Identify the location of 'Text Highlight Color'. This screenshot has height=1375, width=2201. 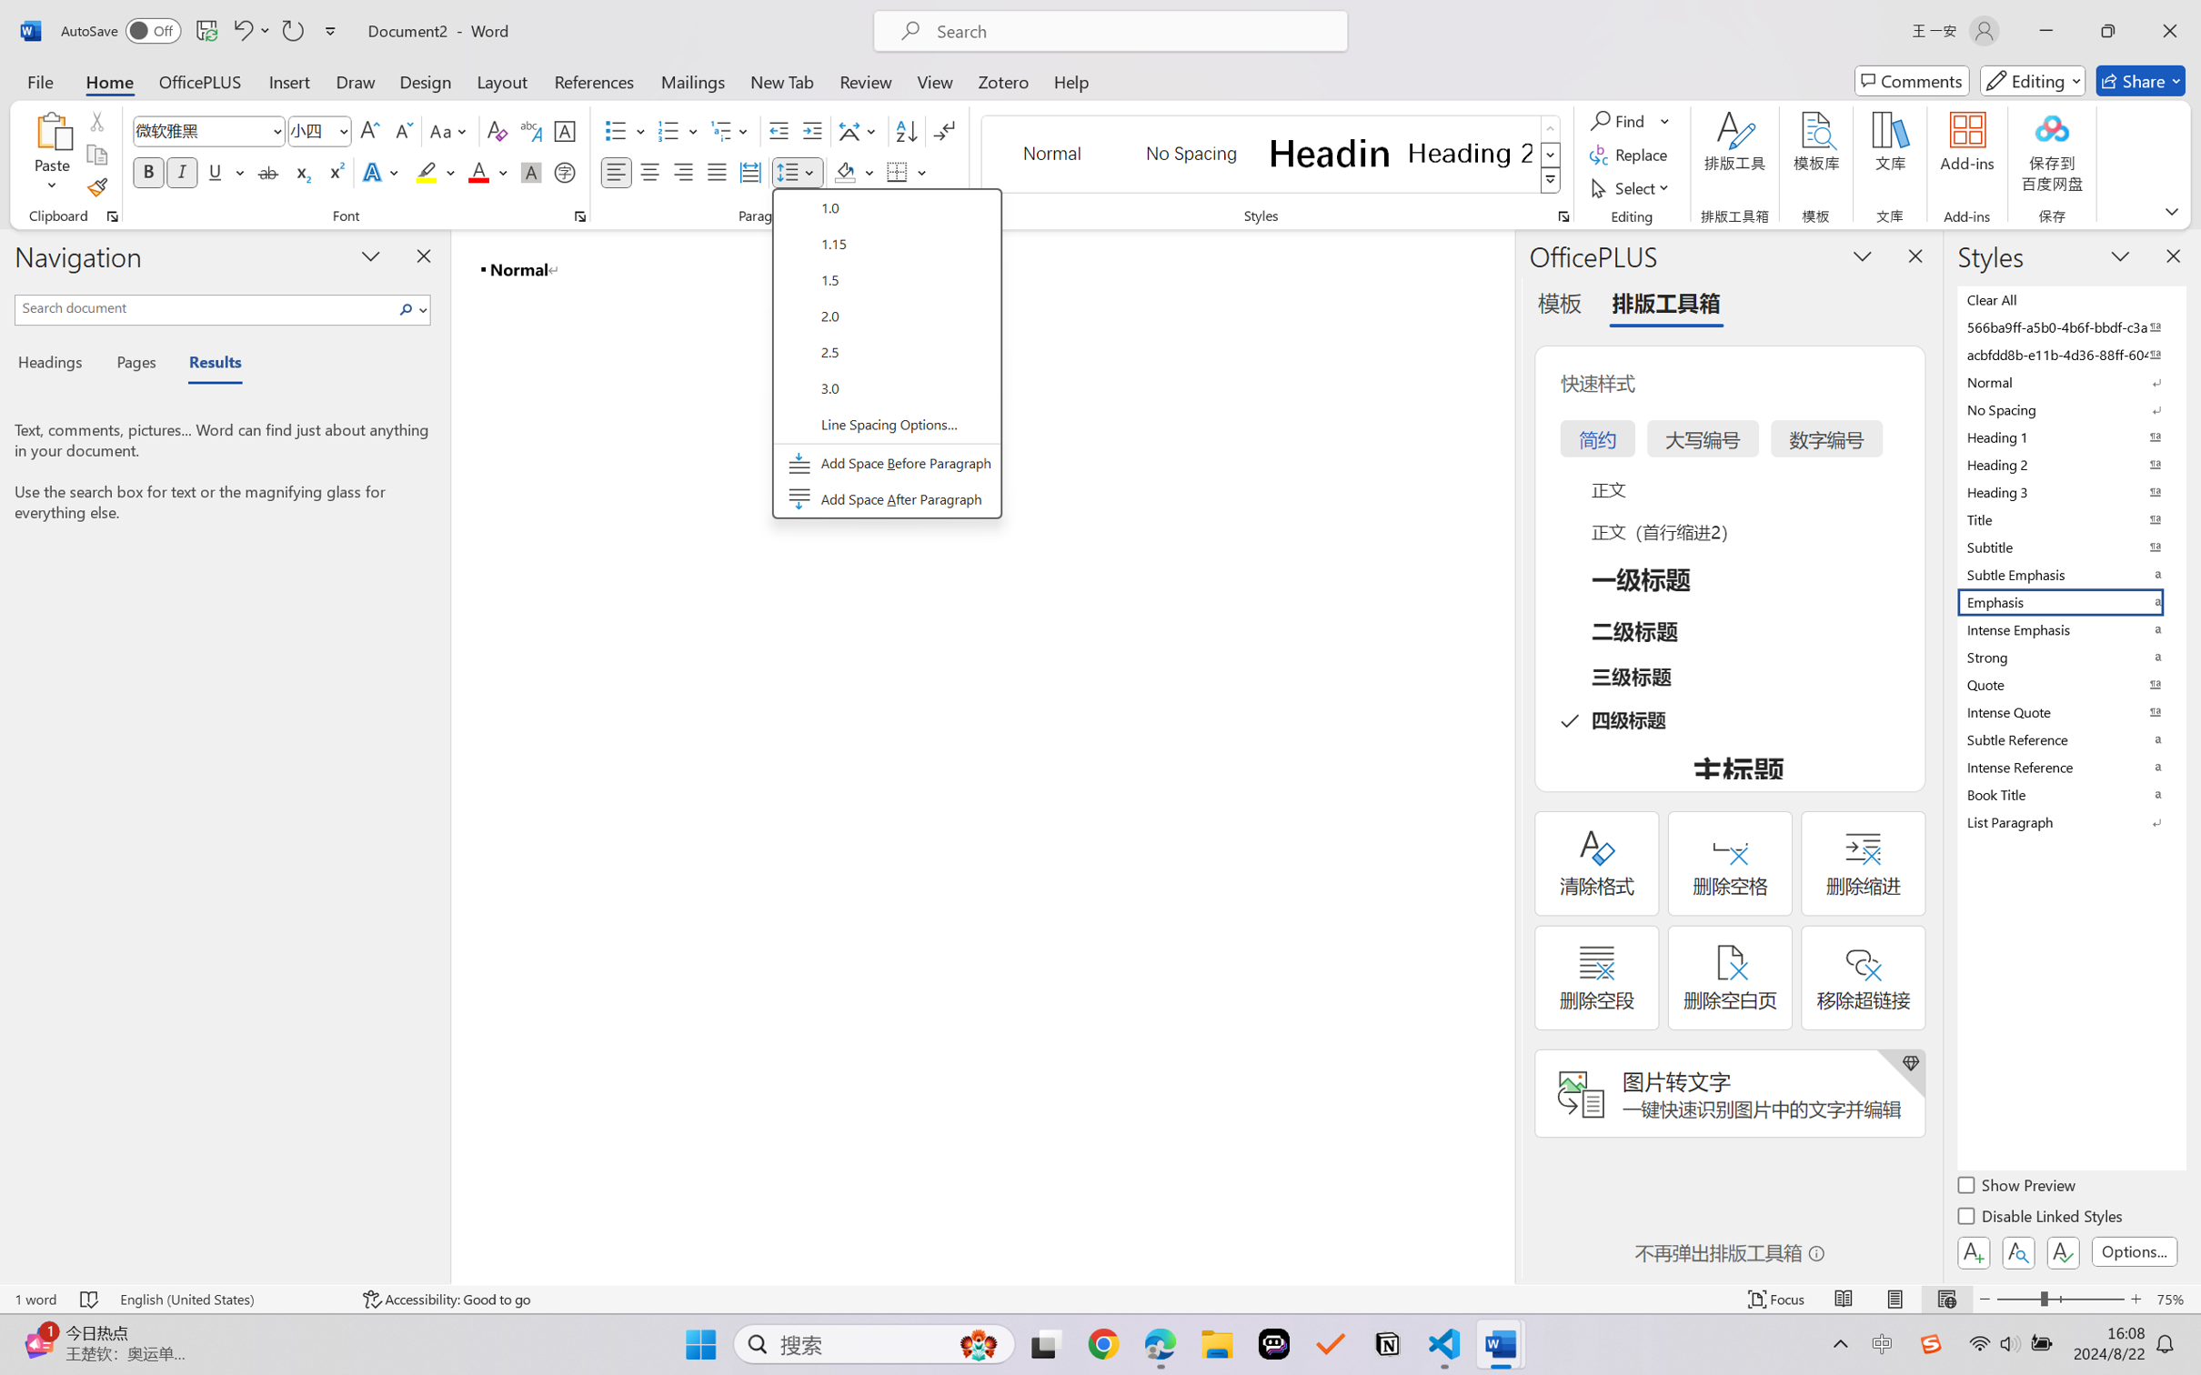
(434, 171).